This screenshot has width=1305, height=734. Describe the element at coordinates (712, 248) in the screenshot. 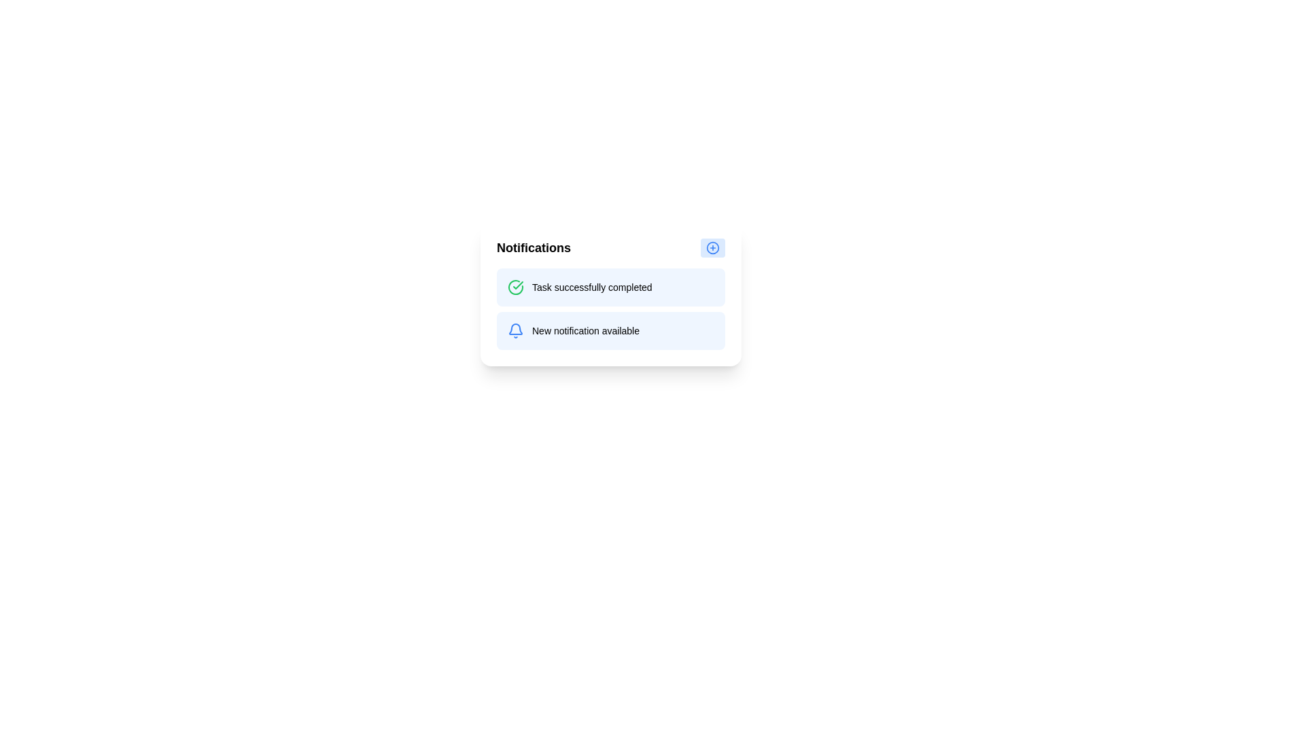

I see `the circular icon button with a plus symbol located in the top-right corner of the notification card` at that location.